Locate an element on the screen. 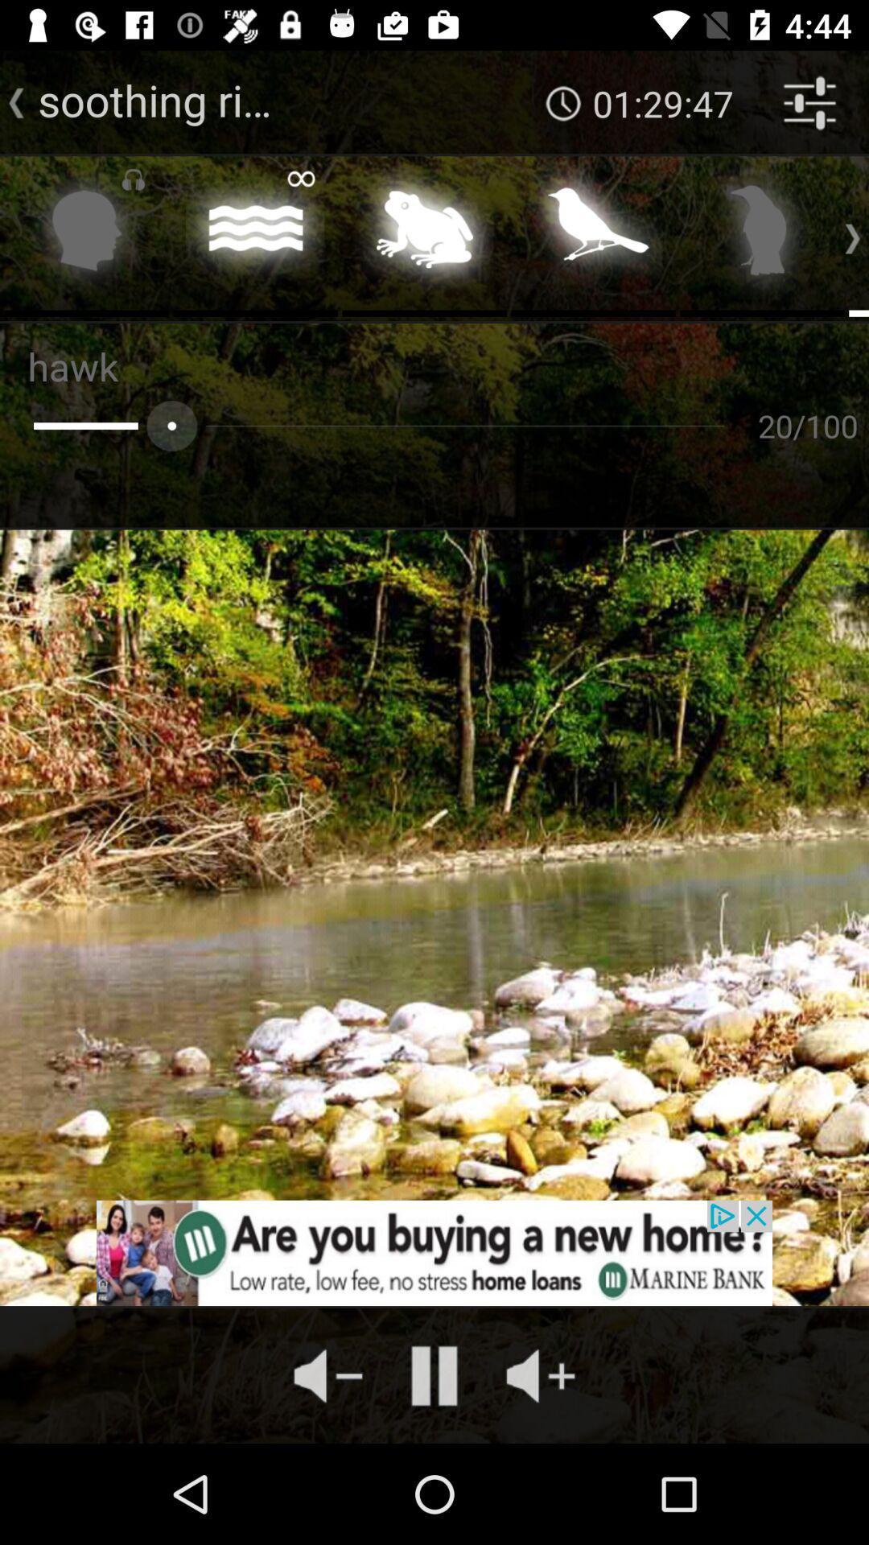 The image size is (869, 1545). sound of frogs is located at coordinates (423, 234).